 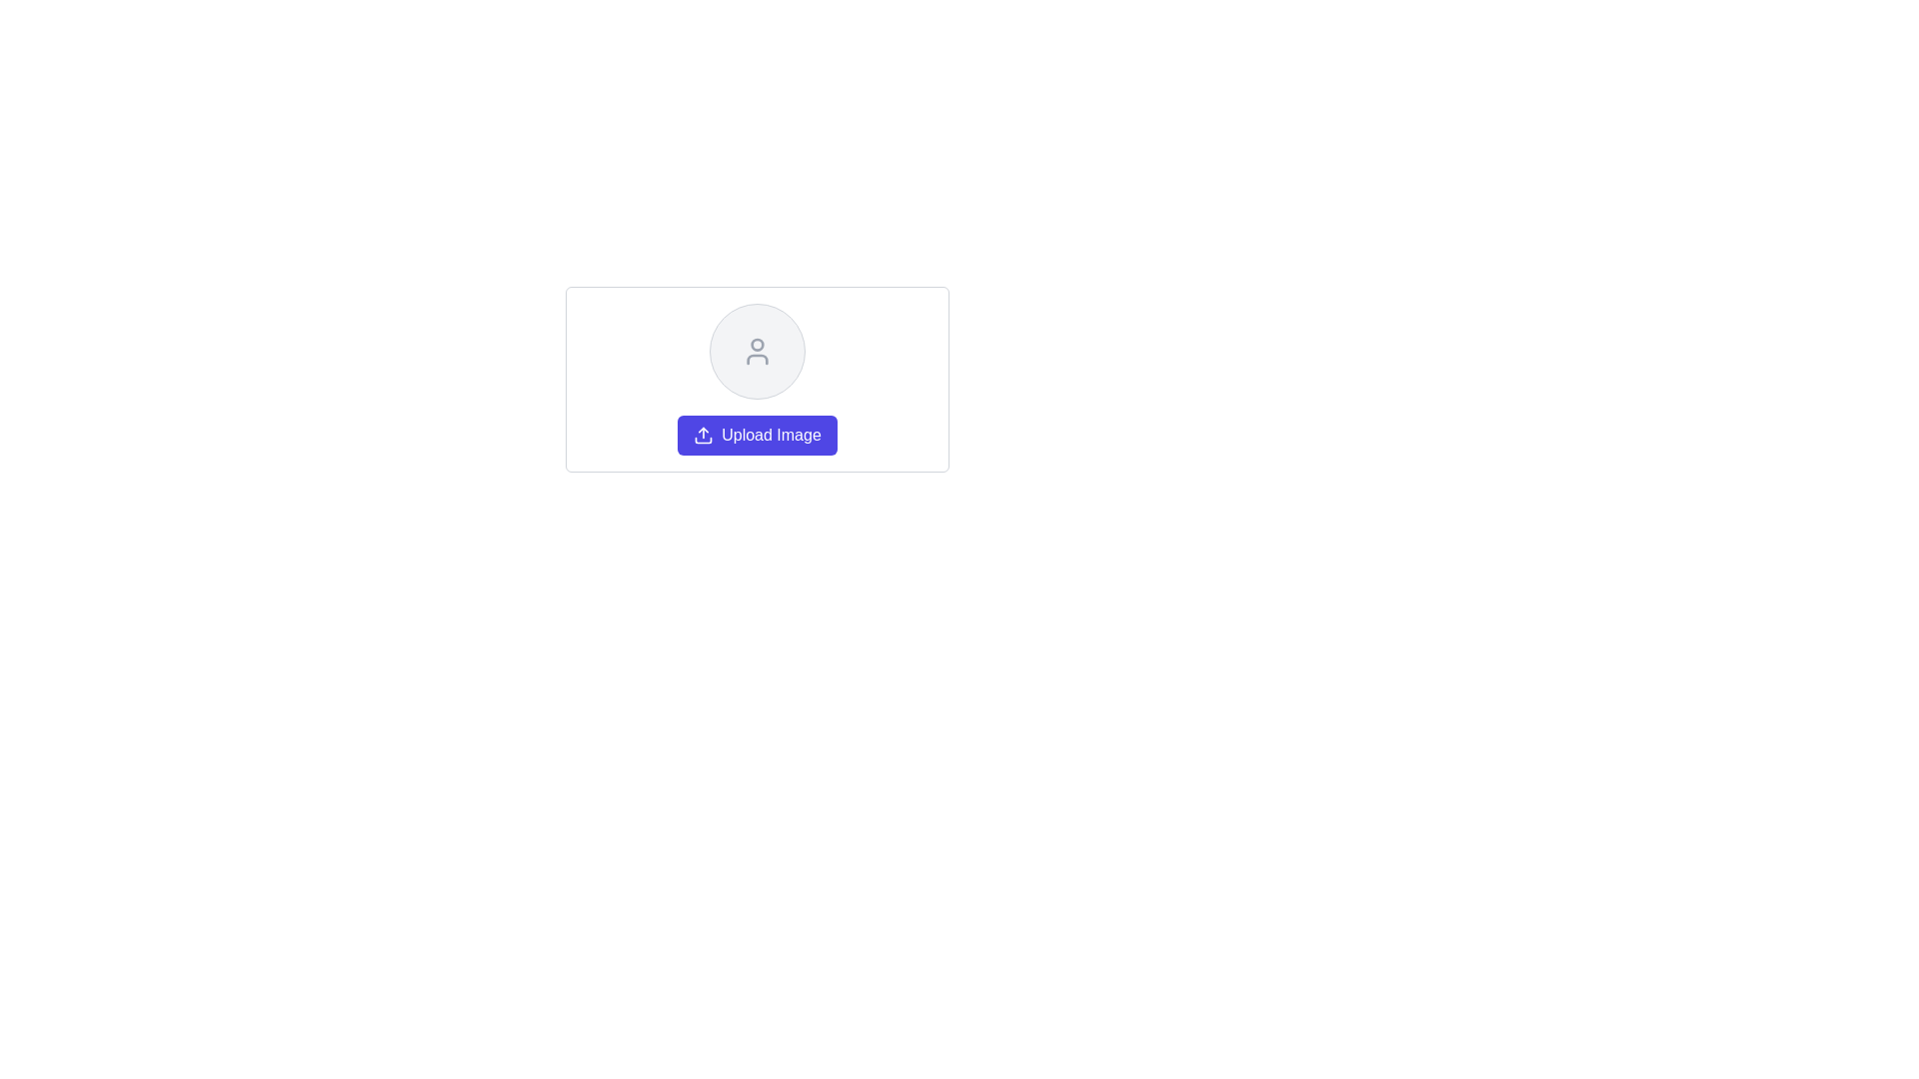 What do you see at coordinates (757, 350) in the screenshot?
I see `the Avatar Placeholder element, which is a circular area with a light gray background and a person icon, positioned above the blue 'Upload Image' button` at bounding box center [757, 350].